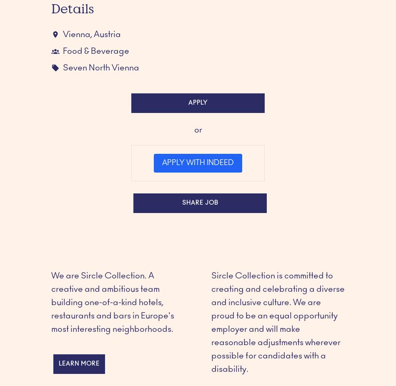  I want to click on 'Austria', so click(93, 34).